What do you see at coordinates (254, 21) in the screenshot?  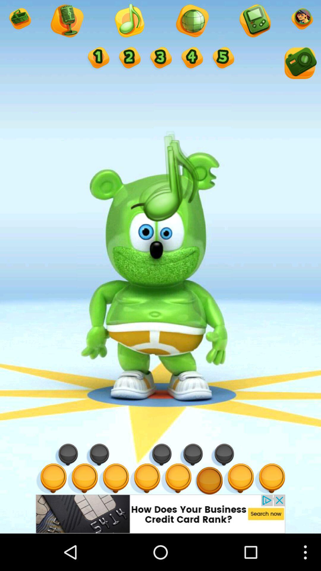 I see `contact in phone` at bounding box center [254, 21].